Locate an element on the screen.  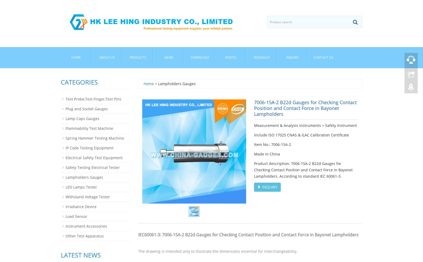
'Other Test Apparatus' is located at coordinates (85, 236).